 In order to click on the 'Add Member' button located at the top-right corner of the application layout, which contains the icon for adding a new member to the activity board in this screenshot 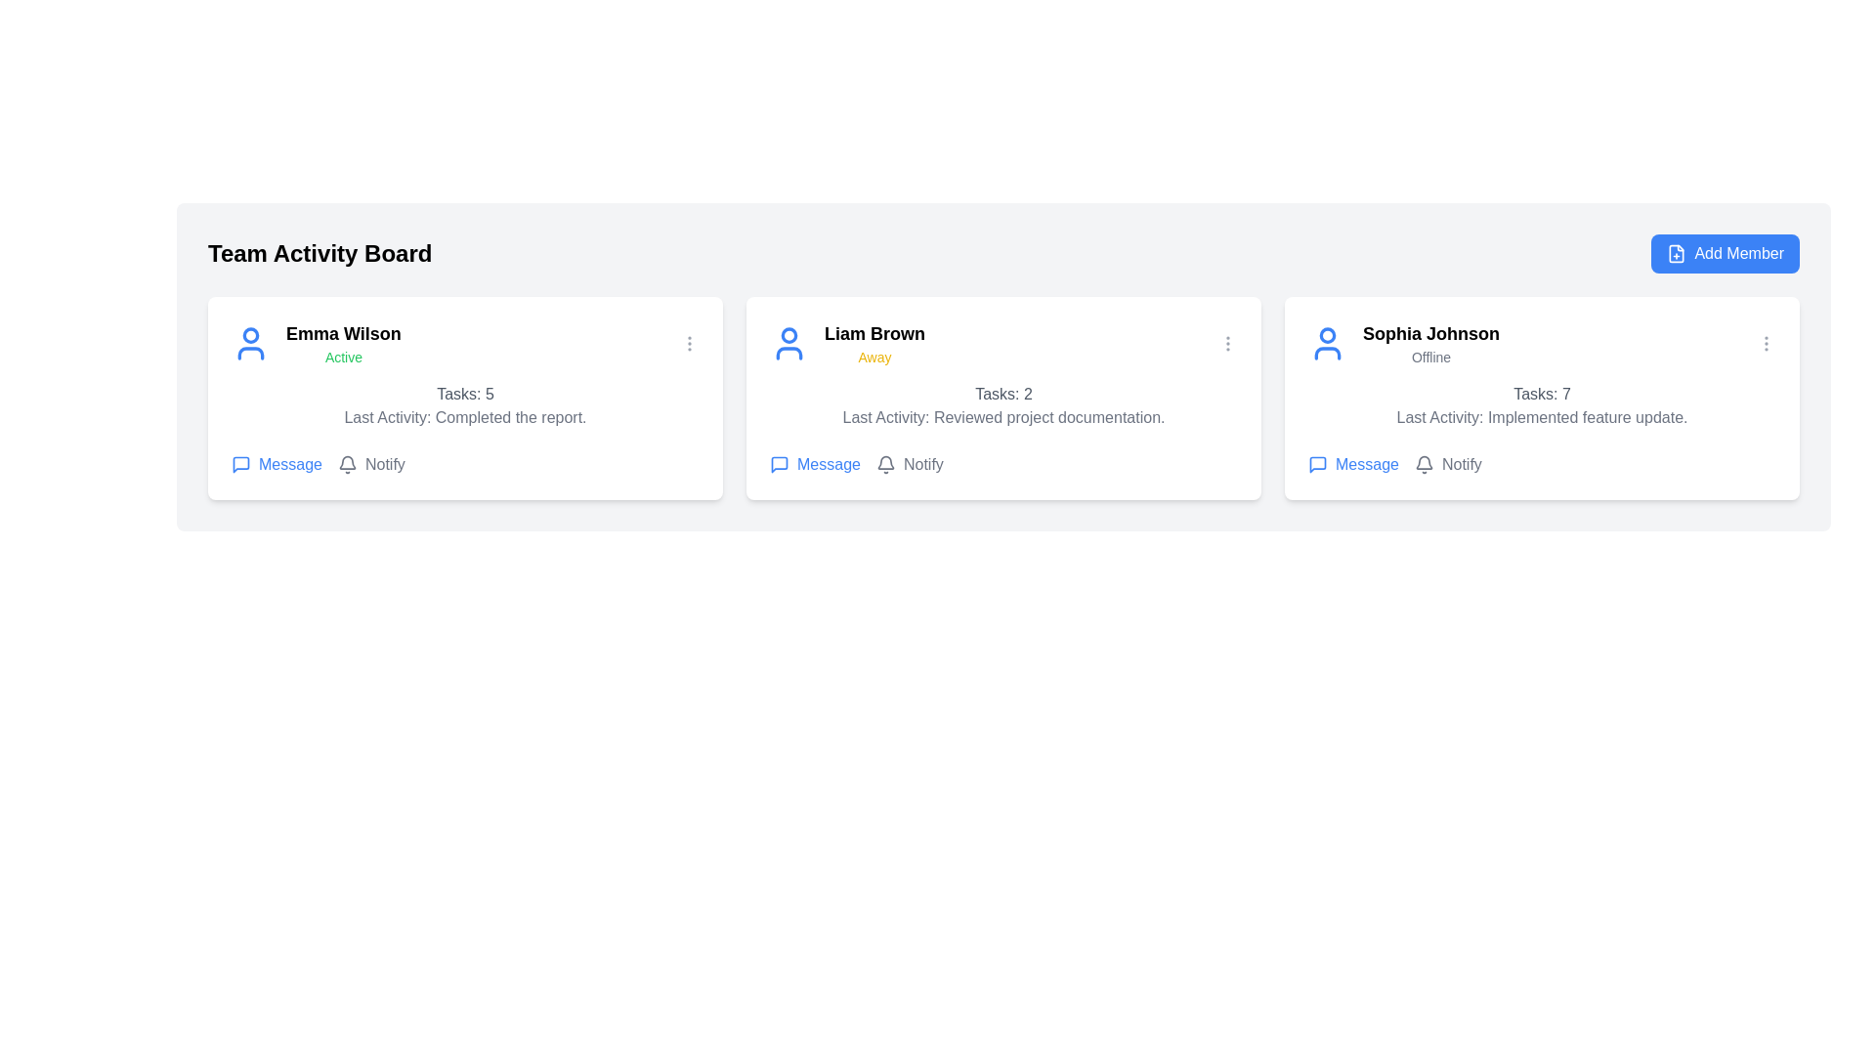, I will do `click(1676, 252)`.